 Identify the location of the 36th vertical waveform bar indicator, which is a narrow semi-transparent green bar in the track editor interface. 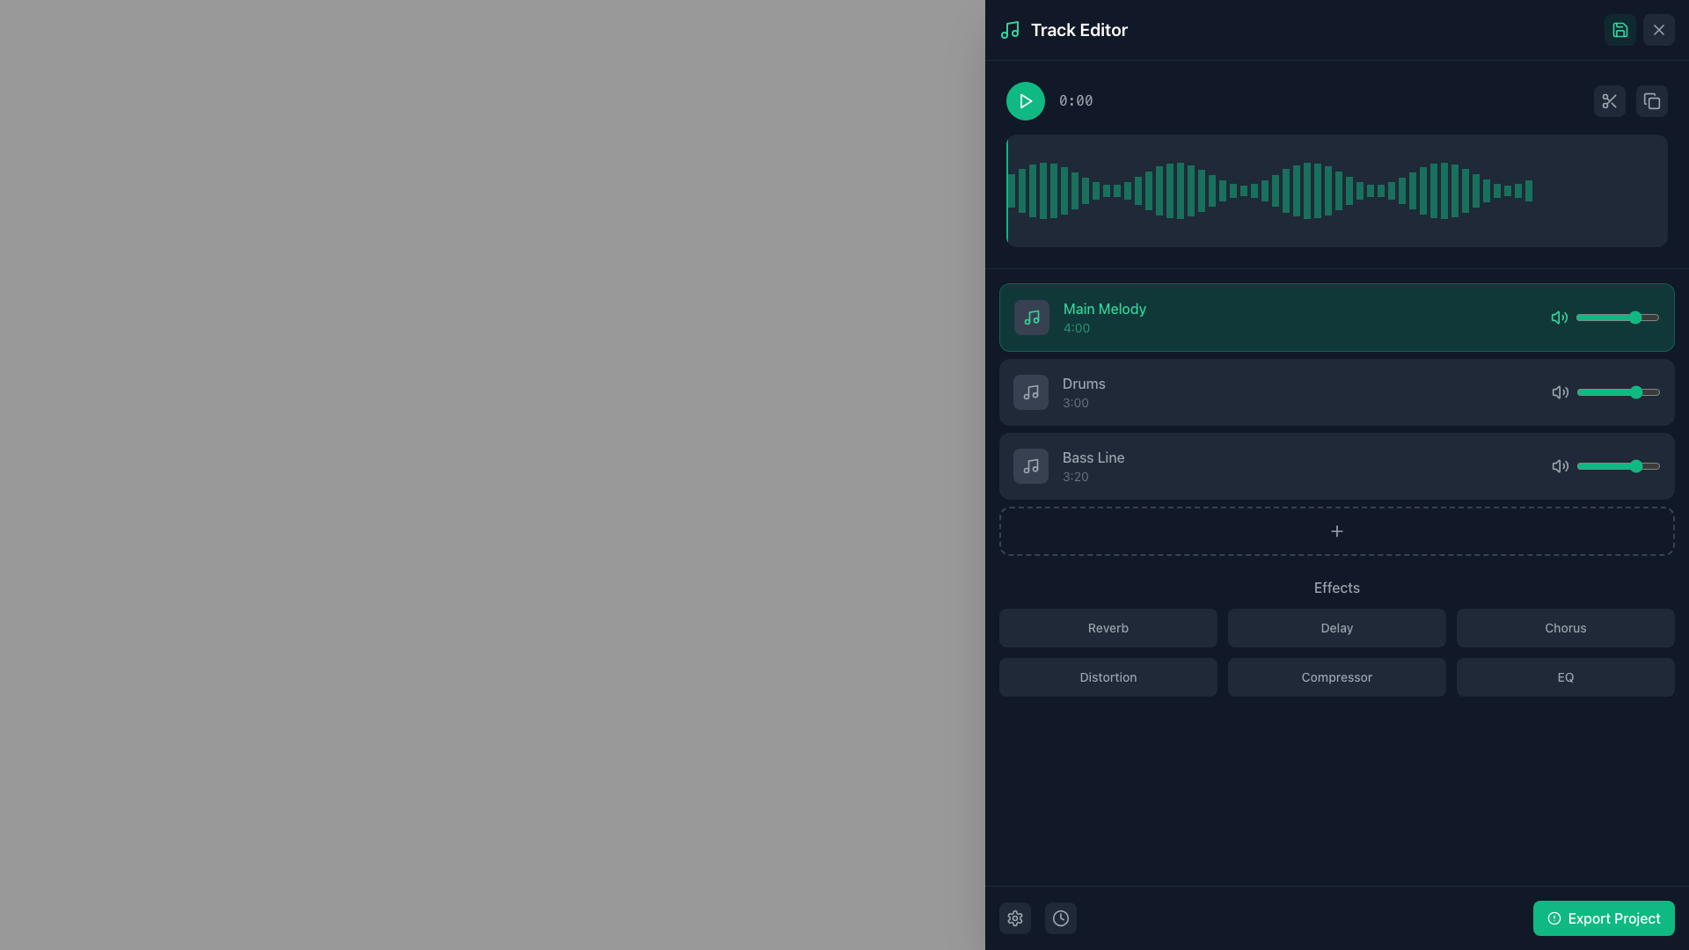
(1422, 190).